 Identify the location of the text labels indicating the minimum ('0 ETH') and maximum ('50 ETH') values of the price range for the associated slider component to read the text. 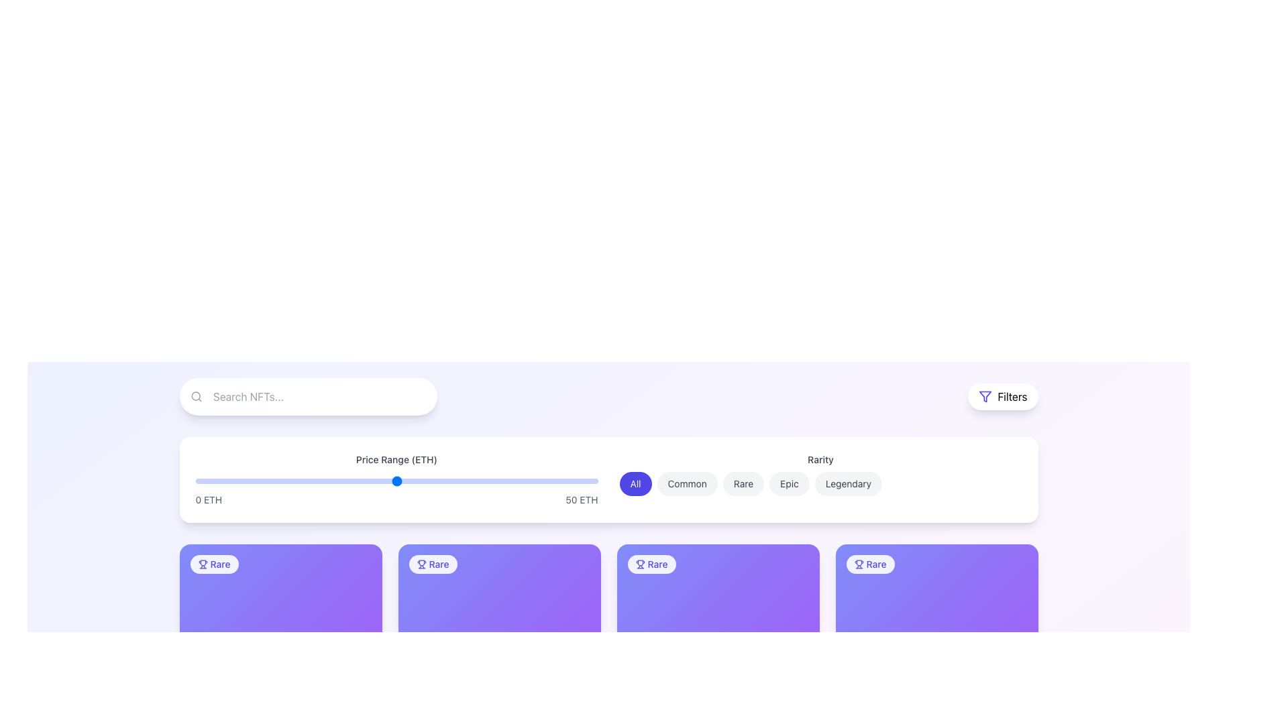
(396, 499).